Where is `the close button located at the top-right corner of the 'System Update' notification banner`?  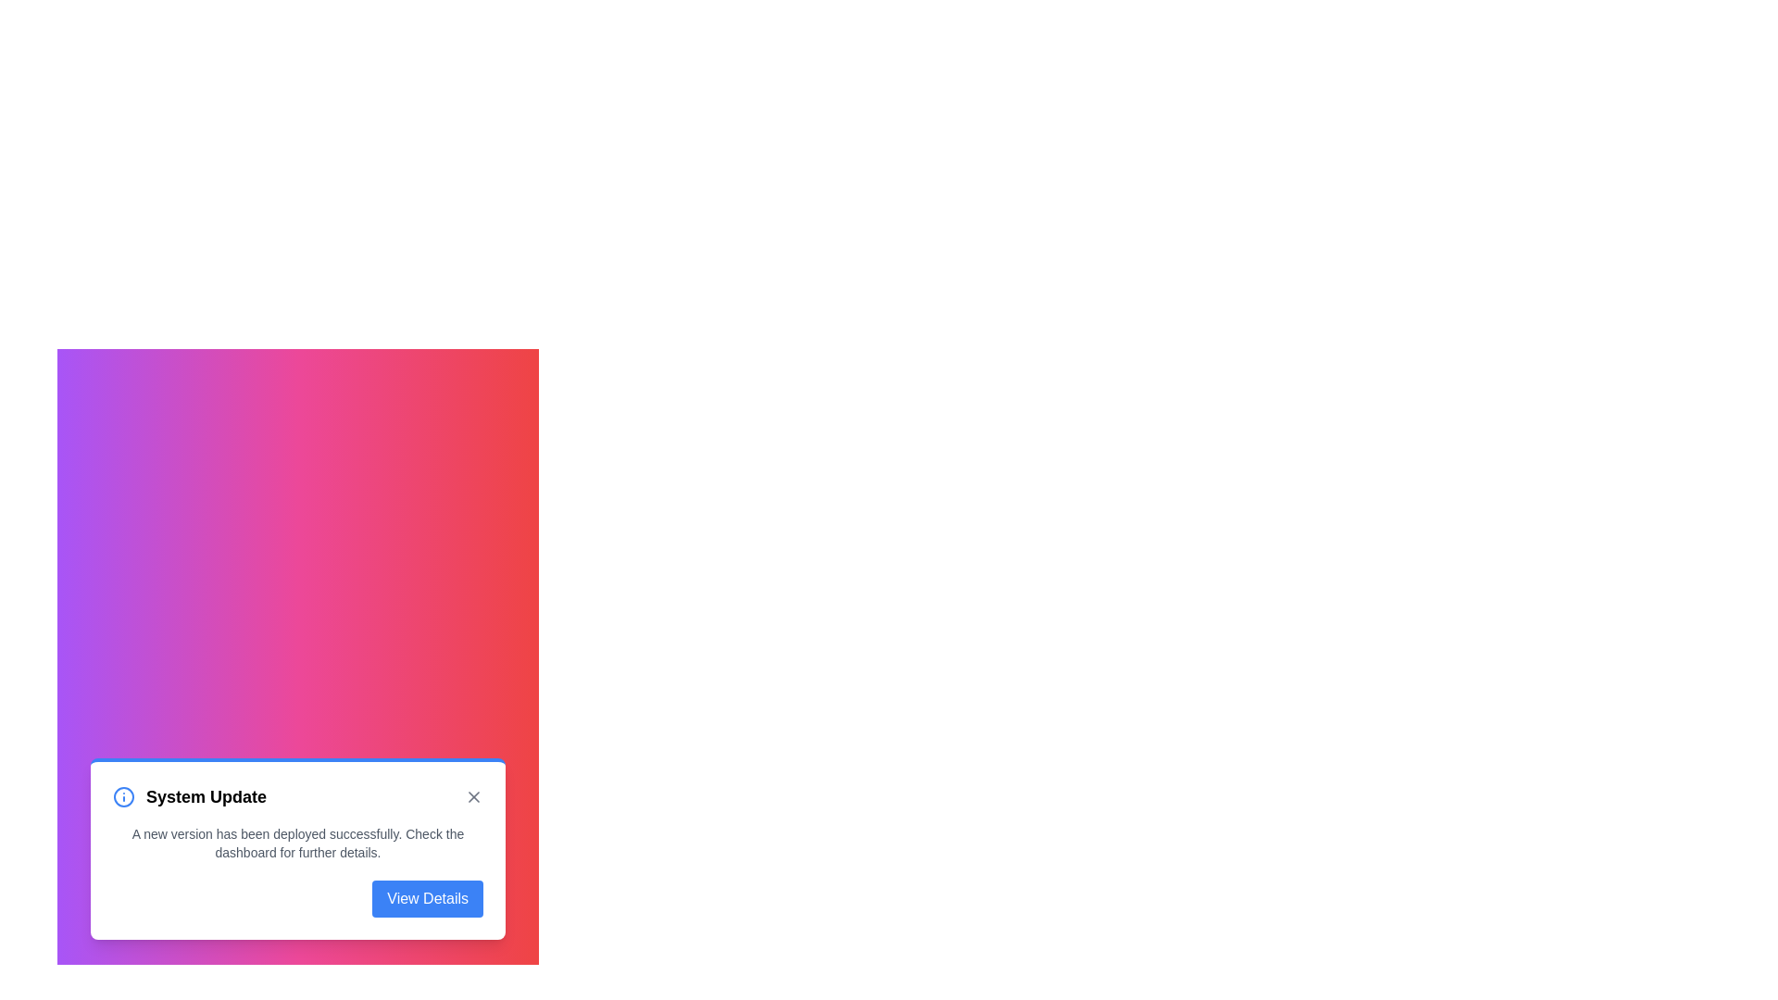
the close button located at the top-right corner of the 'System Update' notification banner is located at coordinates (474, 795).